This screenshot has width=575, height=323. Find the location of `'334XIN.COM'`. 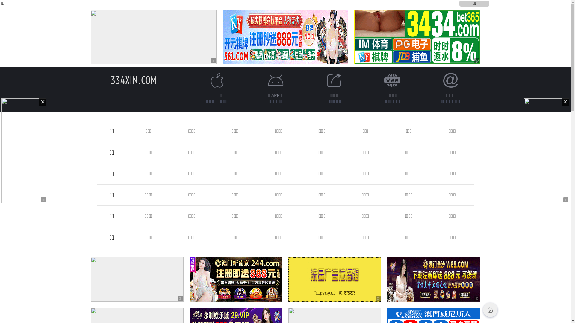

'334XIN.COM' is located at coordinates (133, 80).